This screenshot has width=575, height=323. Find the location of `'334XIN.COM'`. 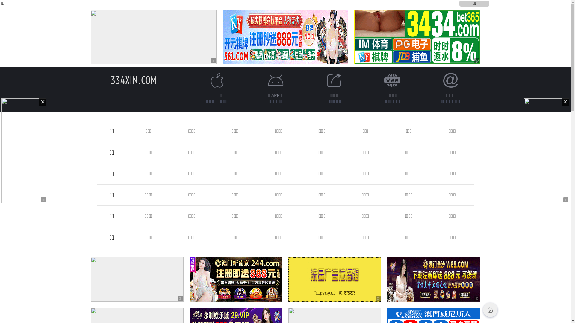

'334XIN.COM' is located at coordinates (133, 80).